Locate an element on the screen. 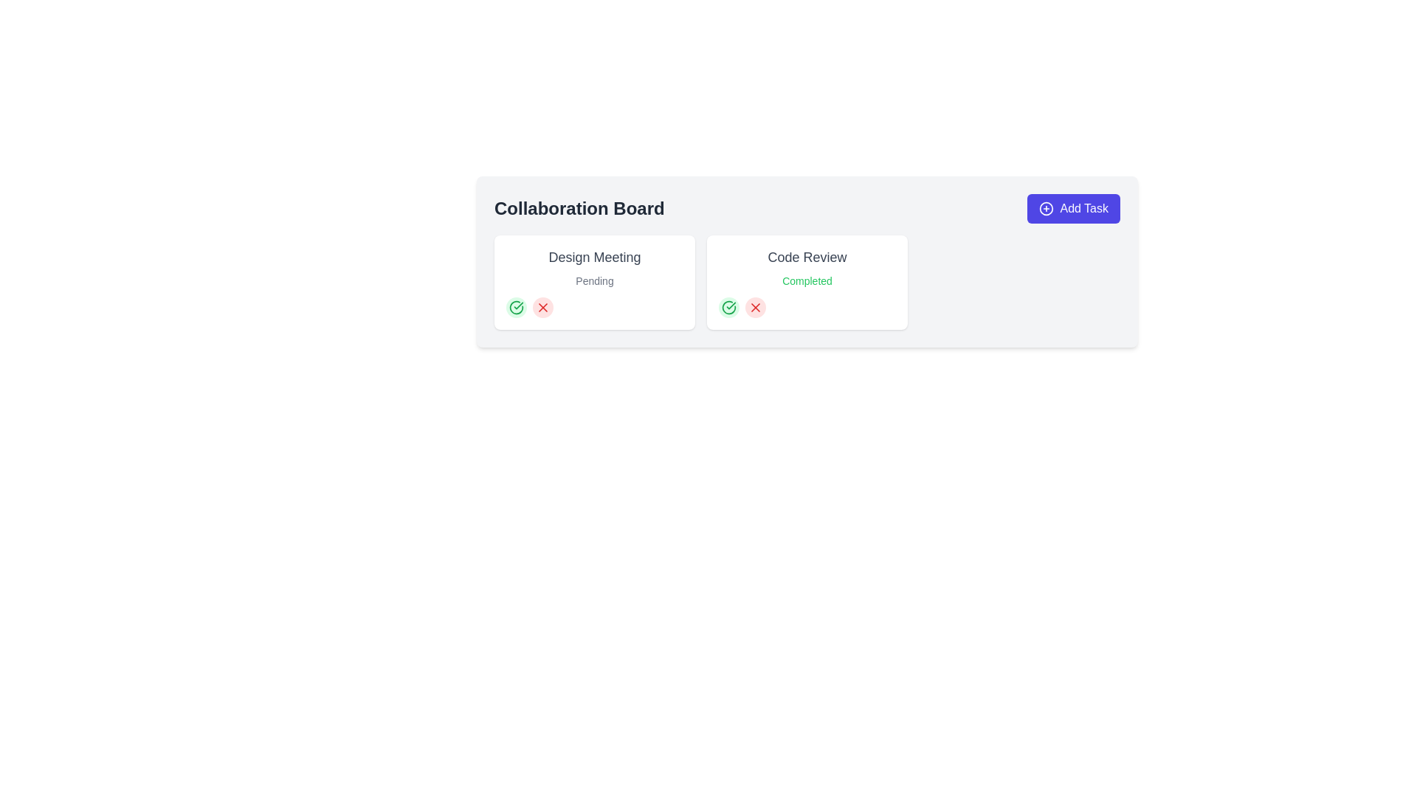  the small green circular icon button with a checkmark symbol, located below the 'Design Meeting' section on the collaboration board, to confirm or indicate completion is located at coordinates (517, 306).